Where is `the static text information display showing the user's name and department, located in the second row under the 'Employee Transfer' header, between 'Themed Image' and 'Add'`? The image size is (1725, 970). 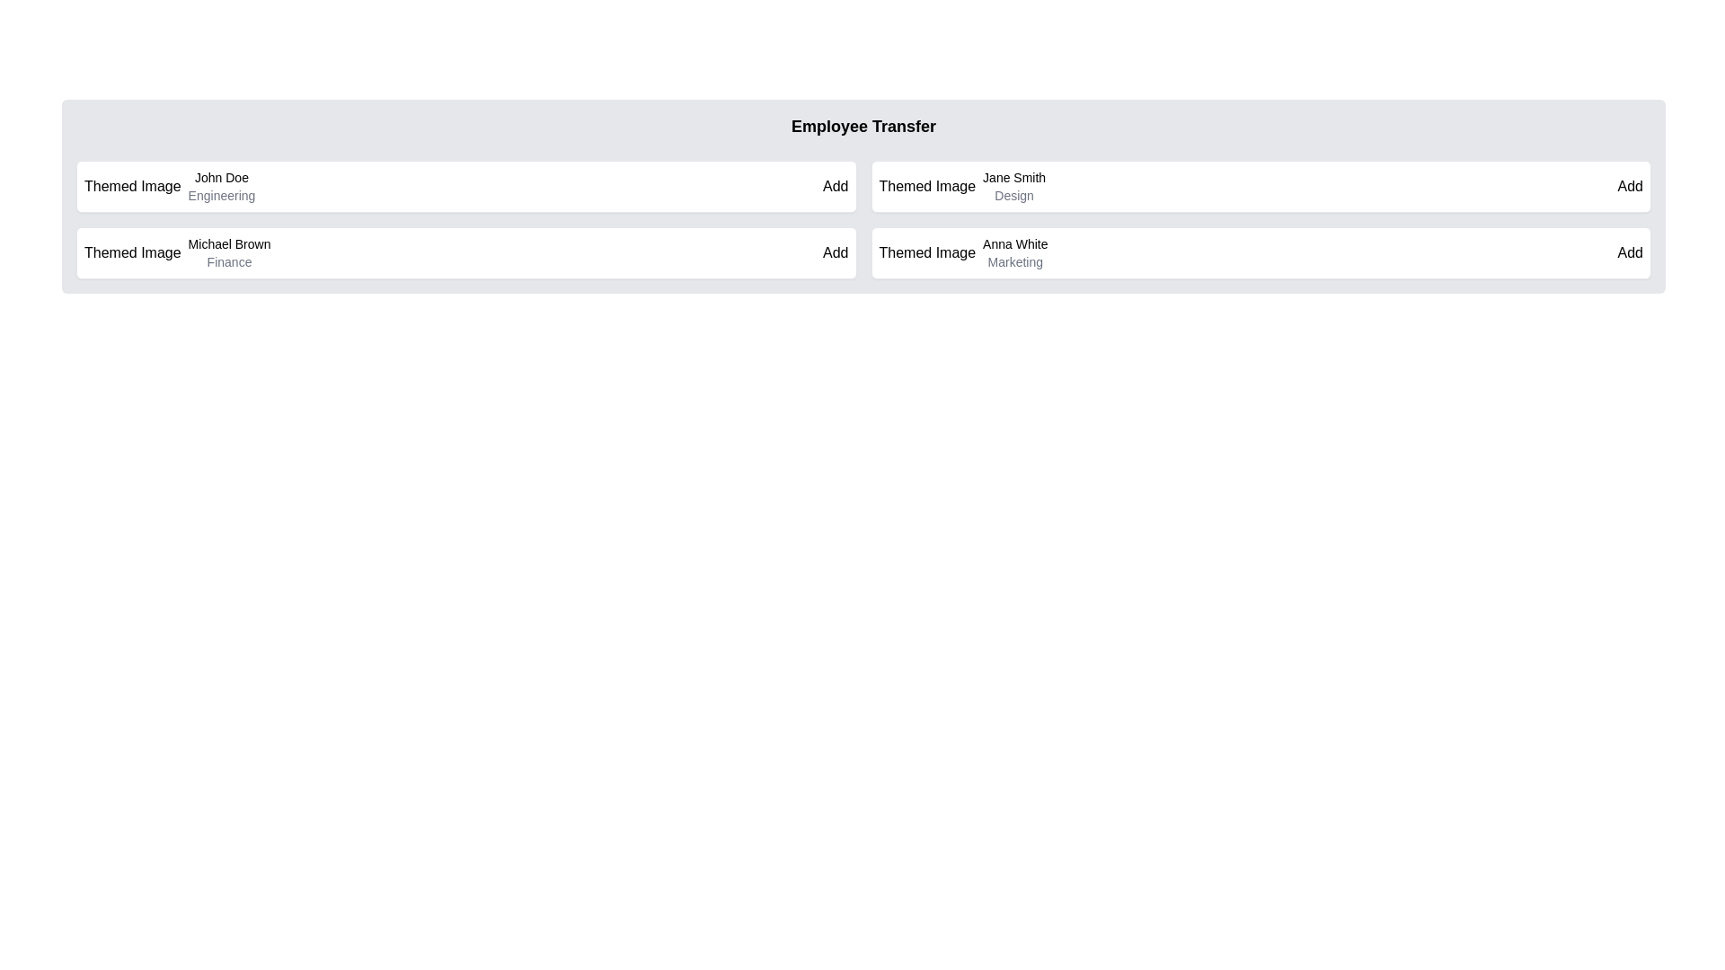
the static text information display showing the user's name and department, located in the second row under the 'Employee Transfer' header, between 'Themed Image' and 'Add' is located at coordinates (1014, 187).